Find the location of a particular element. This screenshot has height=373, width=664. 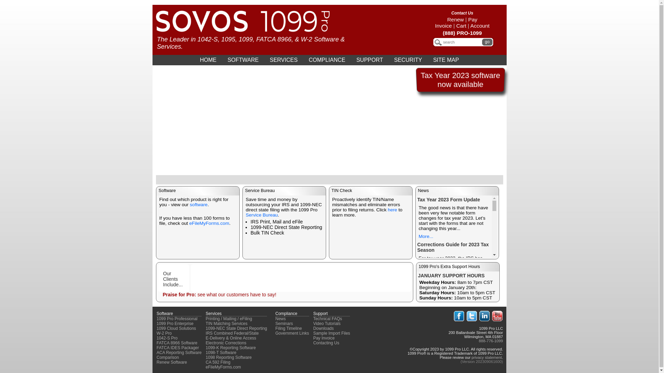

'E-Delivery & Online Access' is located at coordinates (231, 338).